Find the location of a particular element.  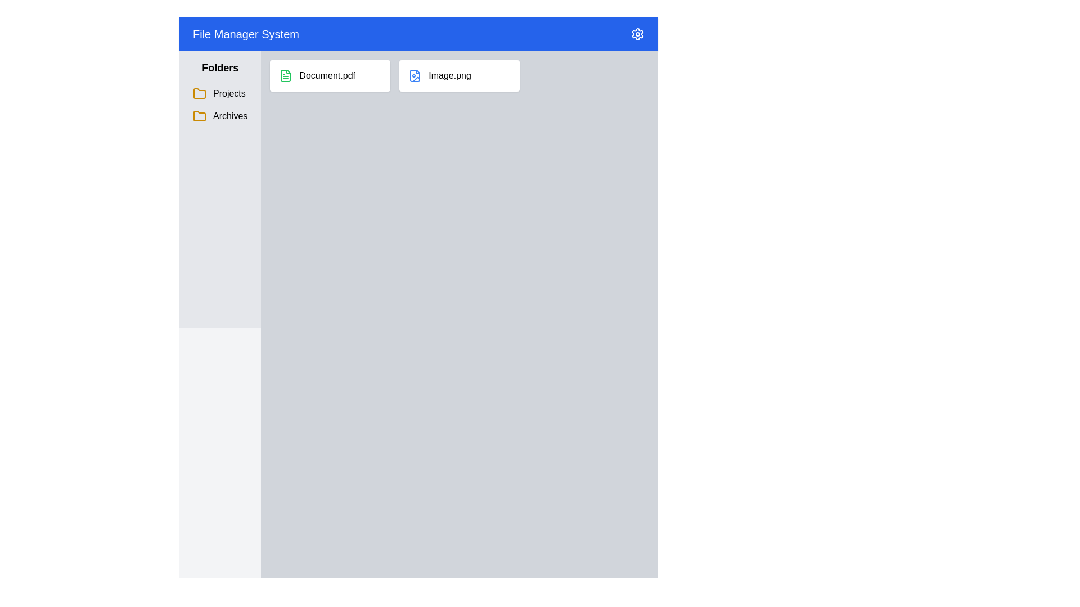

the details of the small blue icon resembling a document with an image symbol, which is part of the file labeled 'Image.png' is located at coordinates (415, 76).